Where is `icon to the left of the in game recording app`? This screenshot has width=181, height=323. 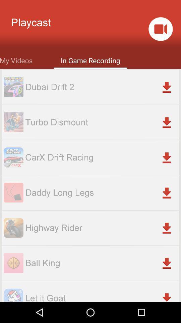
icon to the left of the in game recording app is located at coordinates (16, 60).